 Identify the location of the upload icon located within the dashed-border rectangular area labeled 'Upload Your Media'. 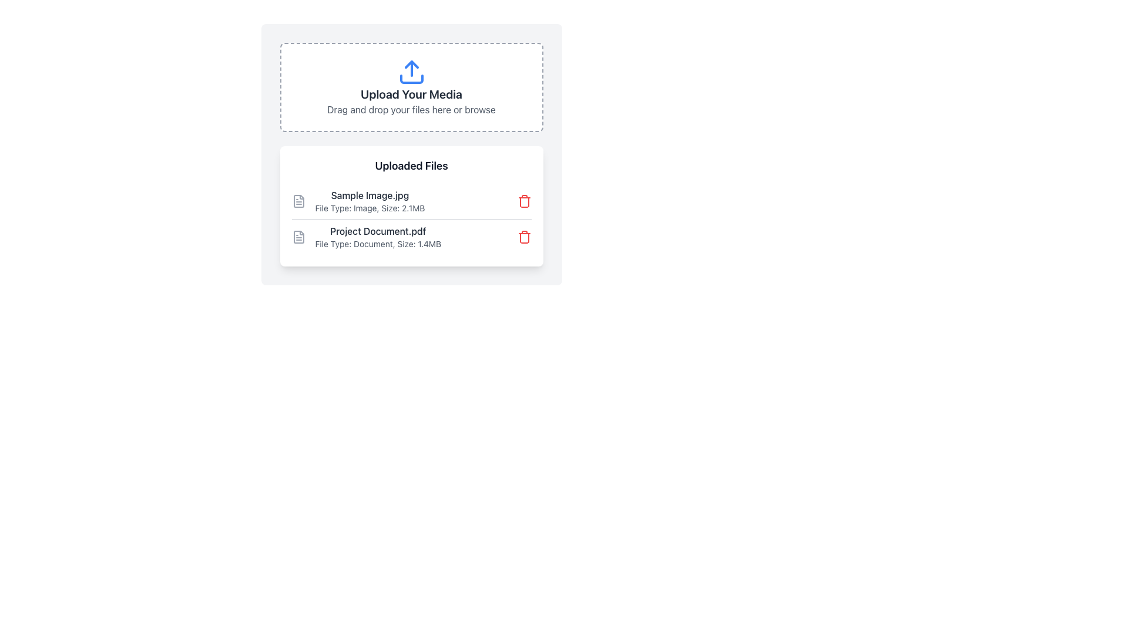
(411, 72).